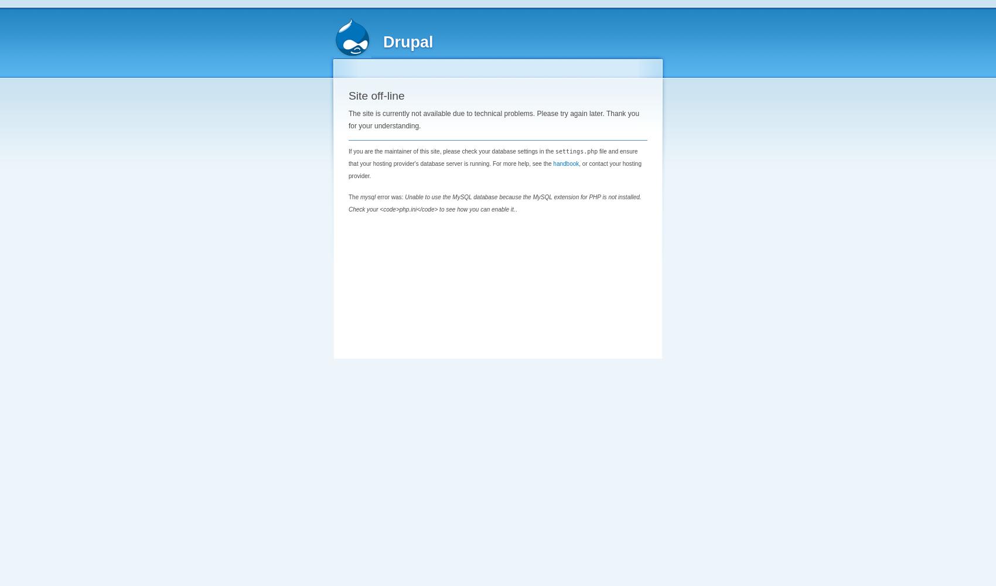 The width and height of the screenshot is (996, 586). Describe the element at coordinates (451, 151) in the screenshot. I see `'If you are the maintainer of this site, please check your database settings in the'` at that location.